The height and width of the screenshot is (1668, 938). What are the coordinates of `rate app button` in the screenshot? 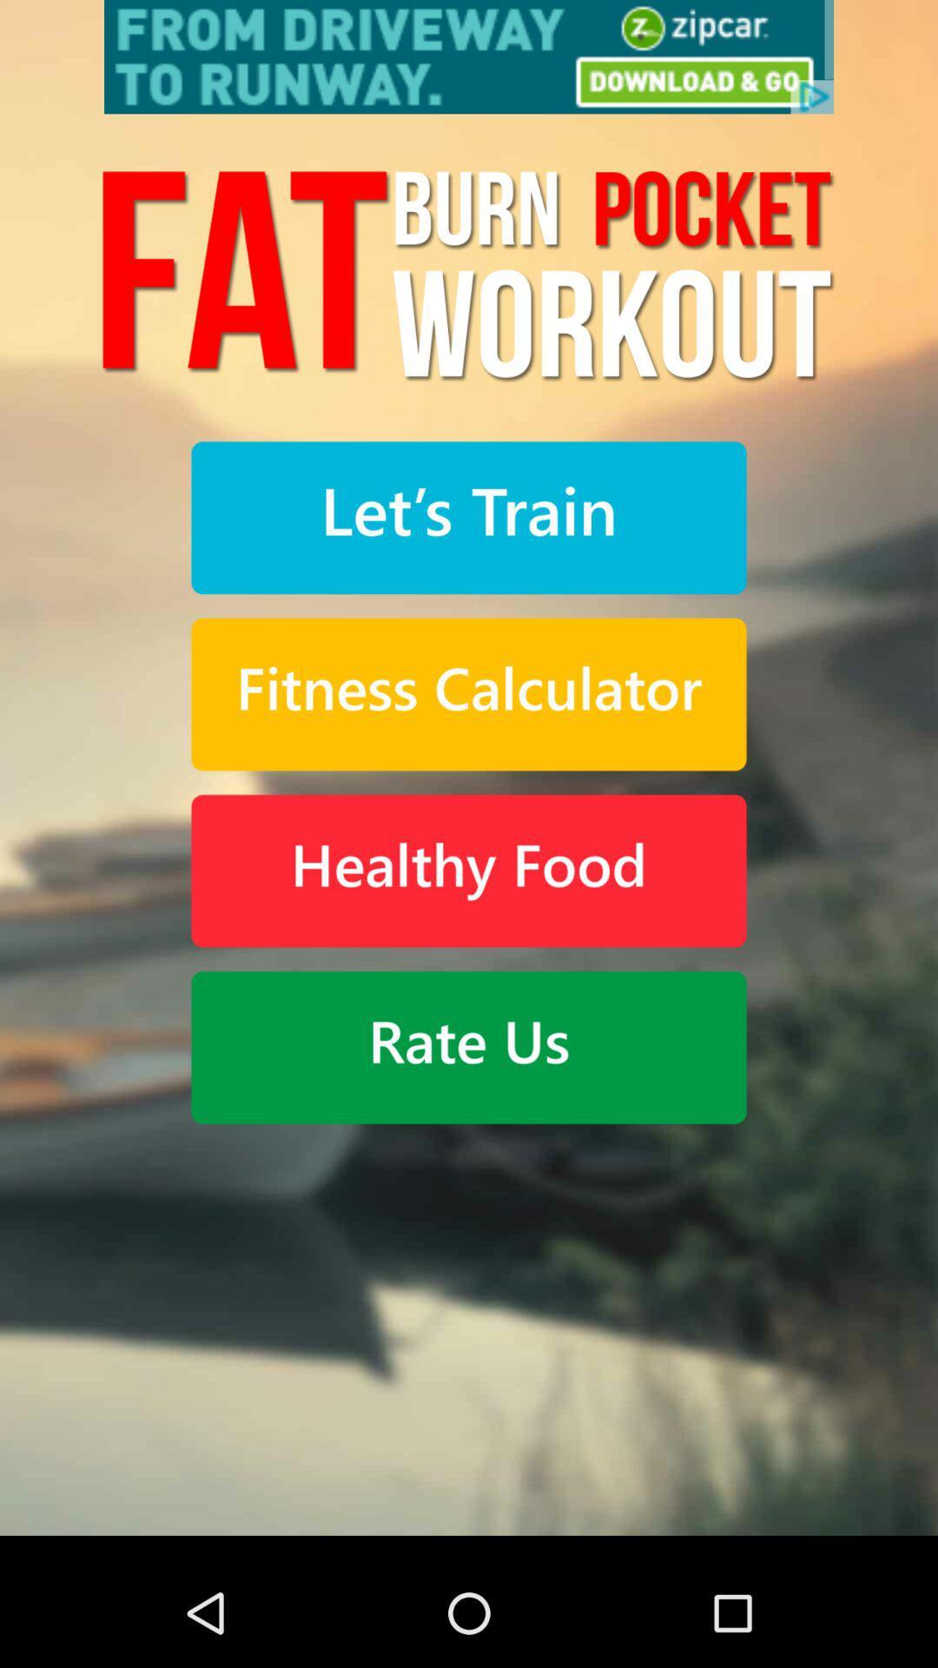 It's located at (469, 1046).